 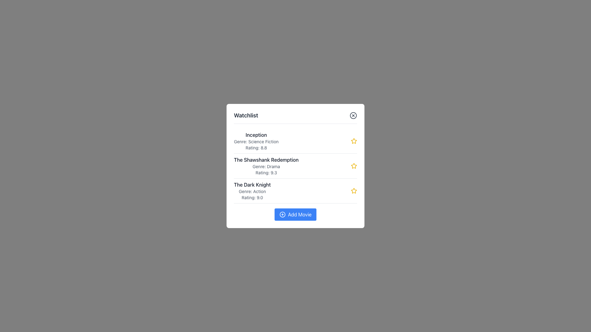 I want to click on the Text Display element that shows the movie title 'The Dark Knight', genre 'Genre: Action', and rating 'Rating: 9.0', which is the third entry in the Watchlist module, so click(x=252, y=191).